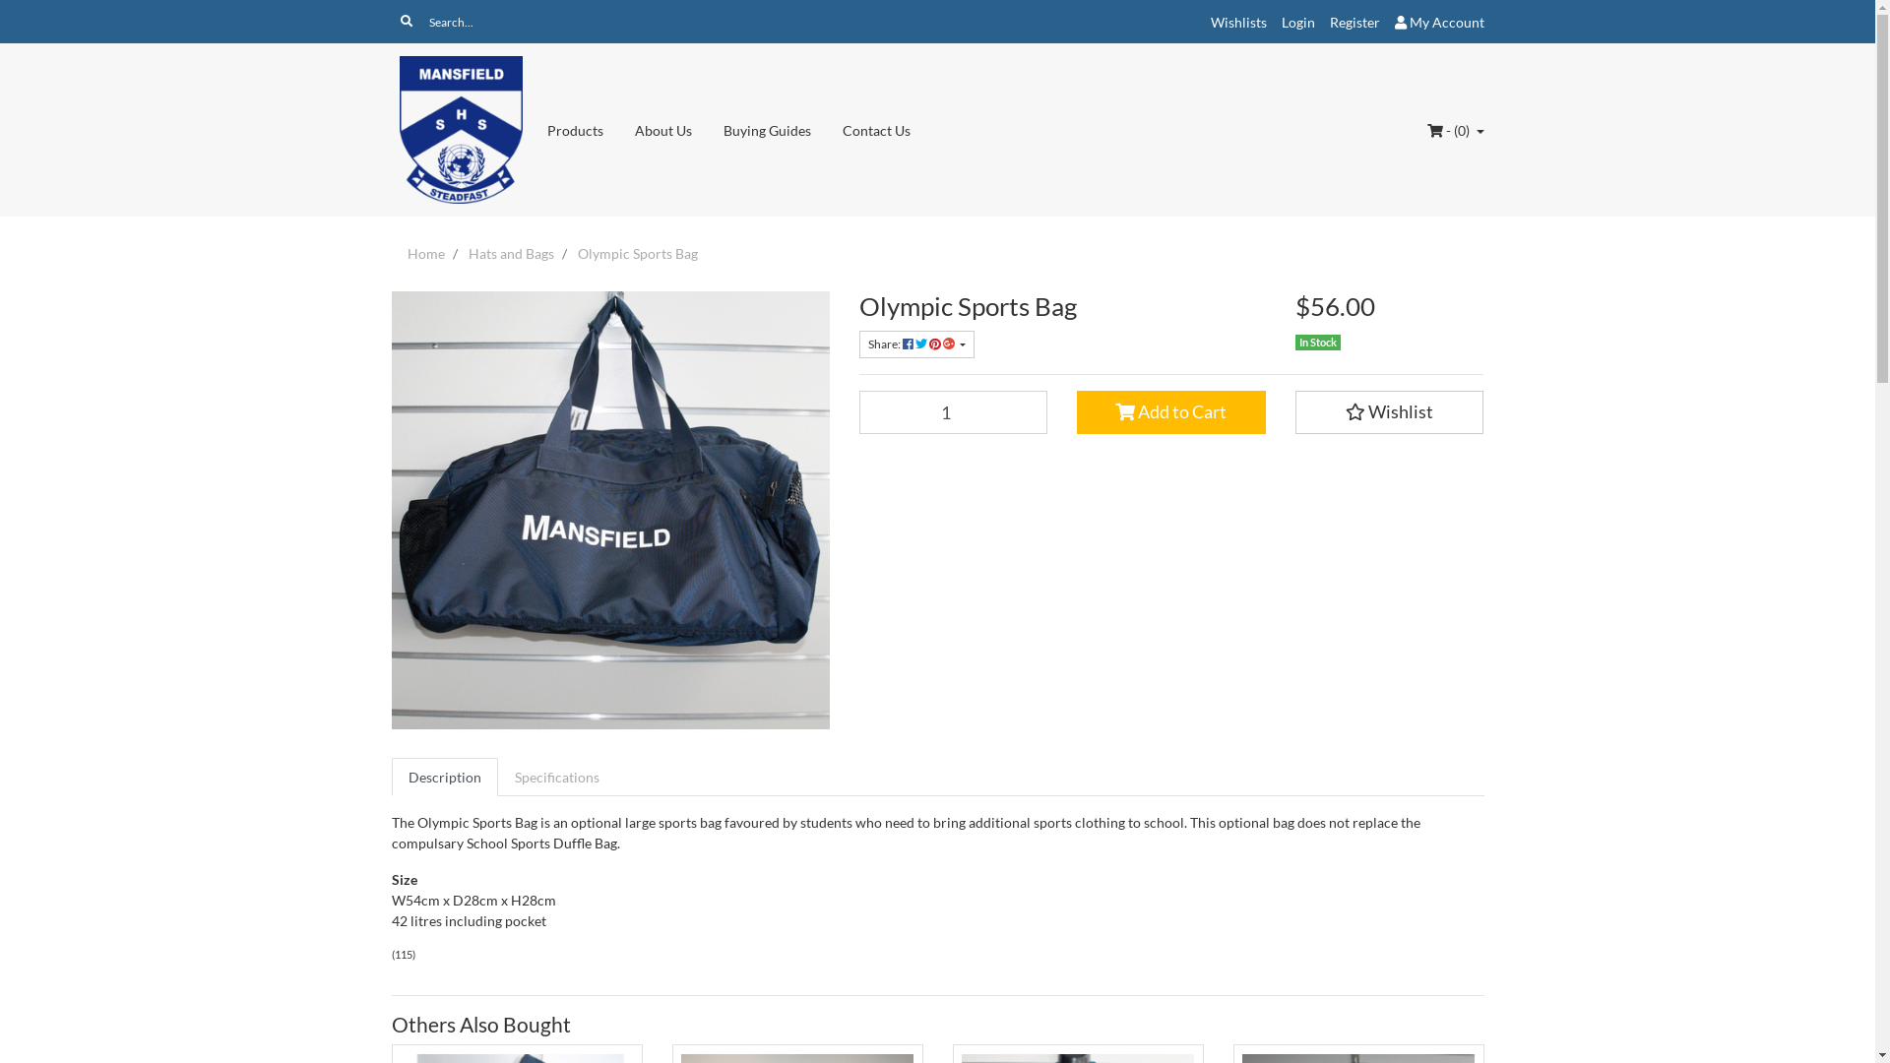 This screenshot has width=1890, height=1063. I want to click on 'Add to Cart', so click(1171, 411).